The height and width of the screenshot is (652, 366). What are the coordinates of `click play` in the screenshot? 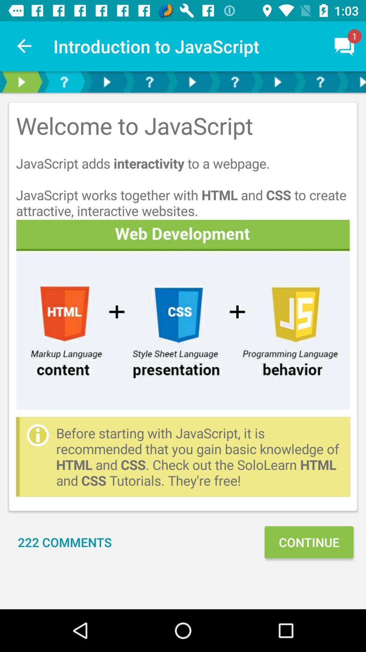 It's located at (277, 81).